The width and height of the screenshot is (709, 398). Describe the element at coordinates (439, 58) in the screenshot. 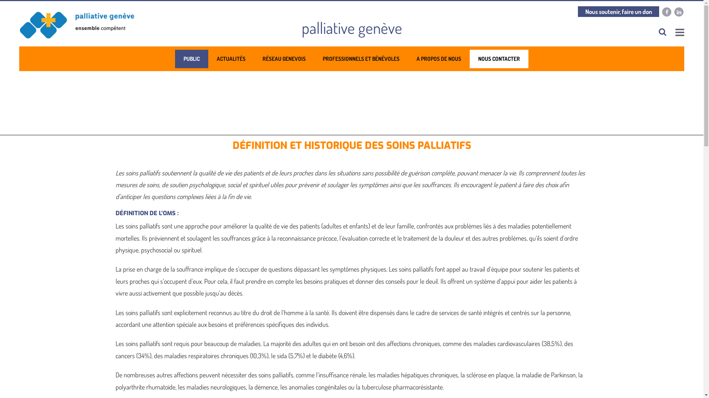

I see `'A PROPOS DE NOUS'` at that location.